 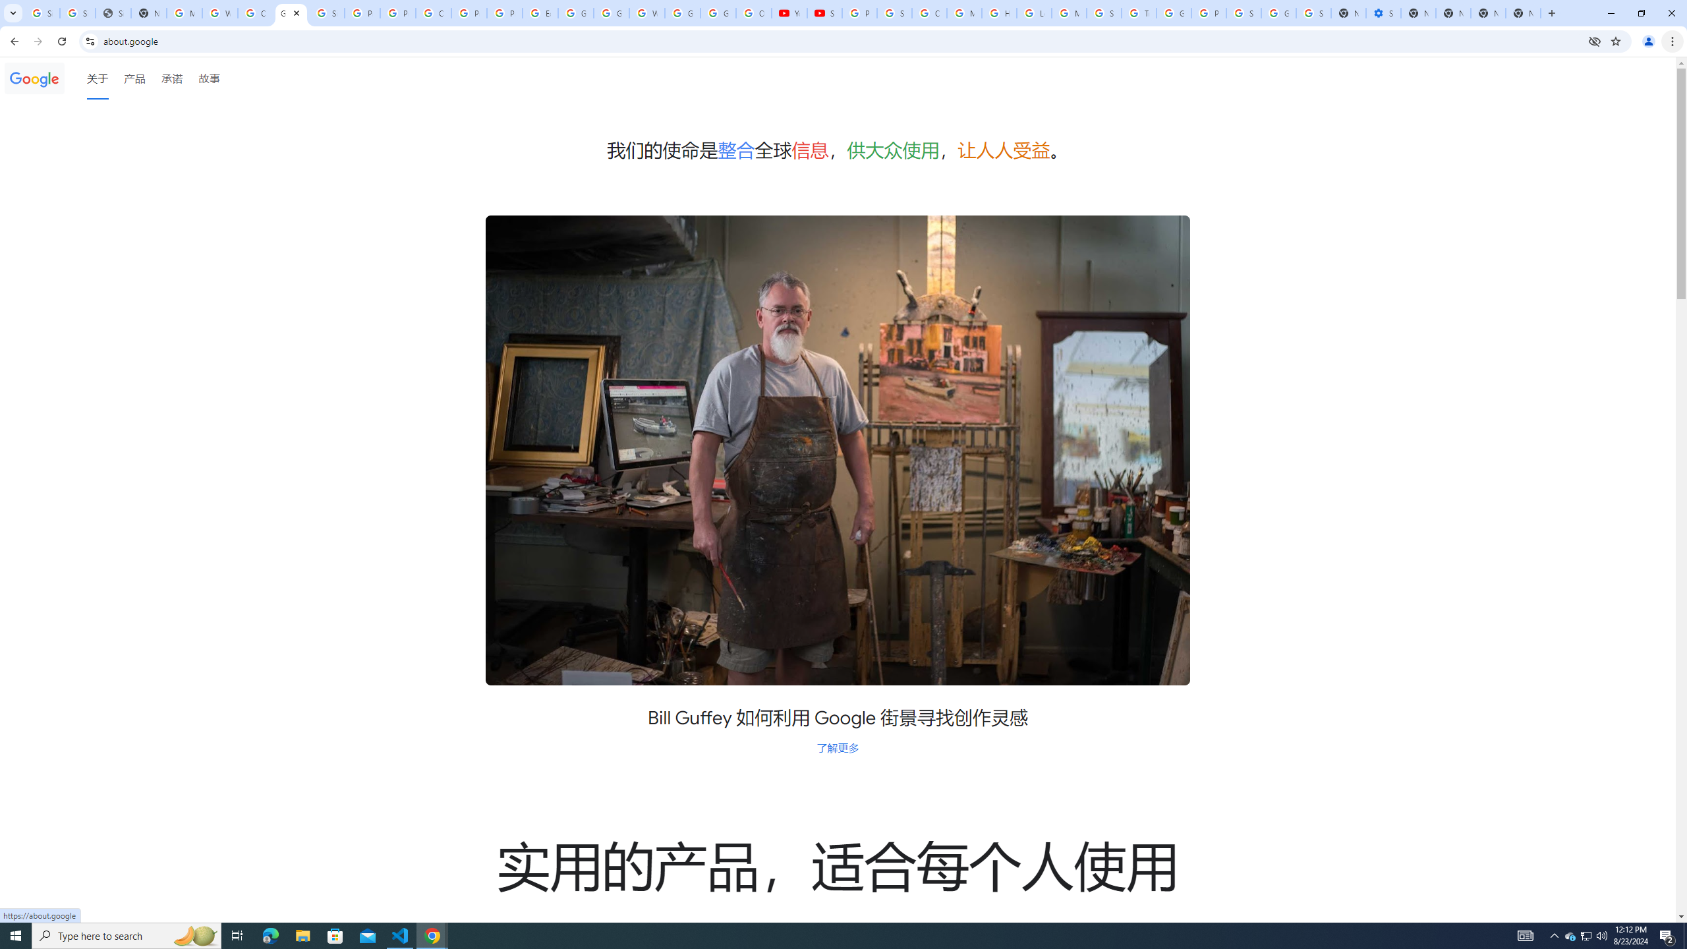 I want to click on 'Settings - Performance', so click(x=1383, y=13).